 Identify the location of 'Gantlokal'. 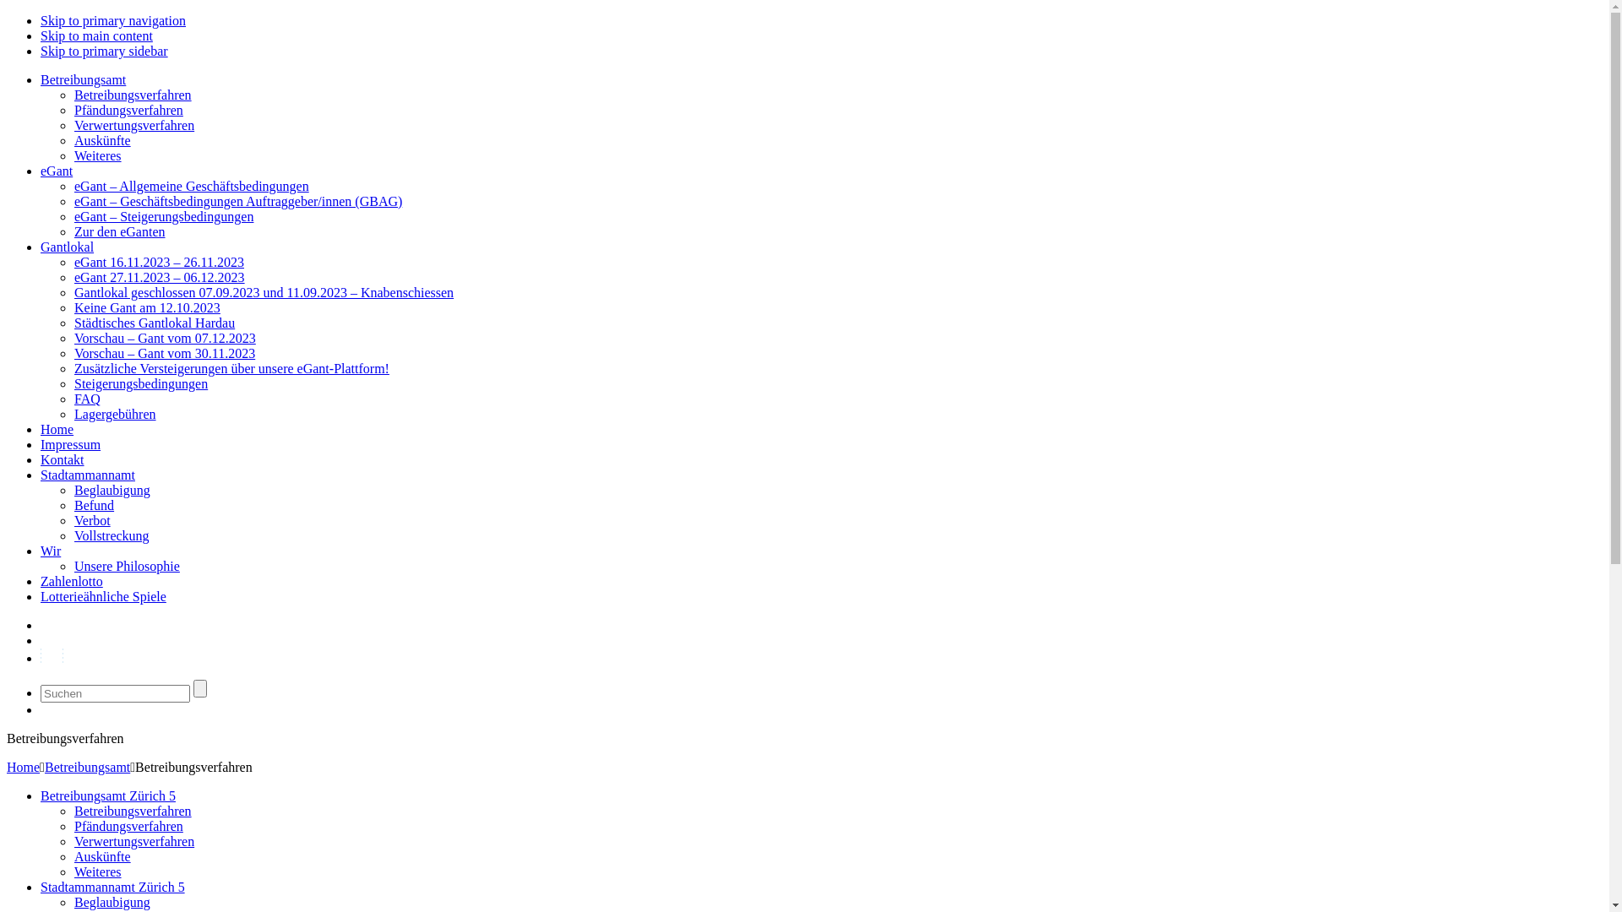
(67, 247).